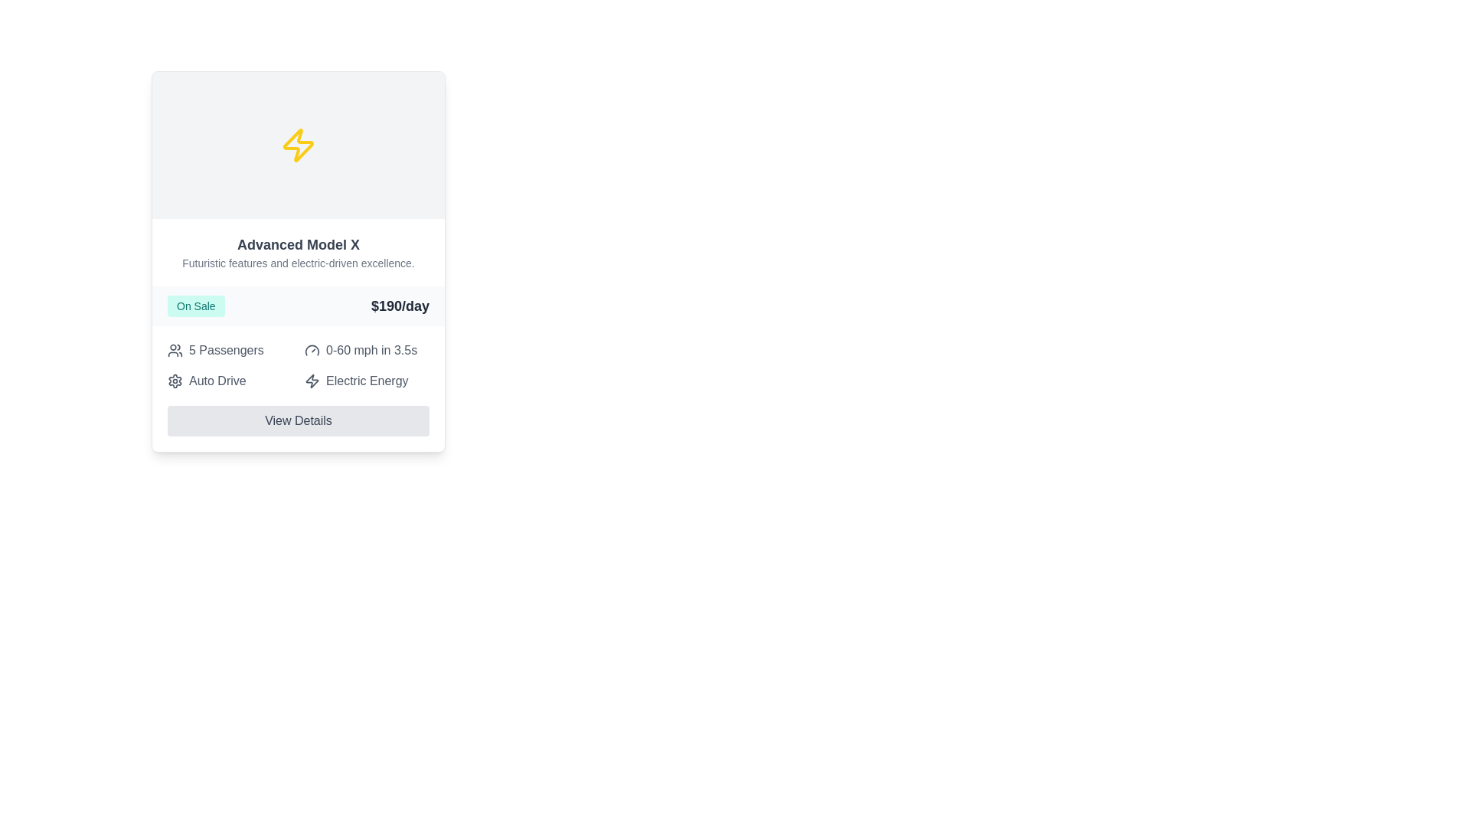 The height and width of the screenshot is (827, 1470). I want to click on the SVG arc element that symbolizes performance or efficiency, located at the bottom part of the SVG graphic centered above the textual content of the card, so click(312, 349).